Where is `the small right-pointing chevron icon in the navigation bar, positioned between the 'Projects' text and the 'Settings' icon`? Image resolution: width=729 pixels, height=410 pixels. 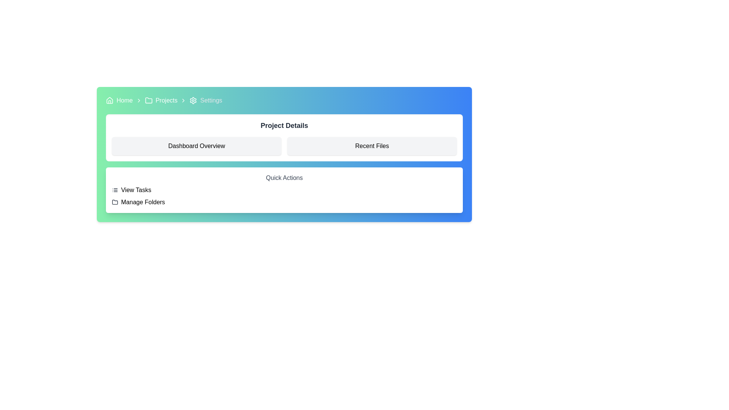 the small right-pointing chevron icon in the navigation bar, positioned between the 'Projects' text and the 'Settings' icon is located at coordinates (183, 100).